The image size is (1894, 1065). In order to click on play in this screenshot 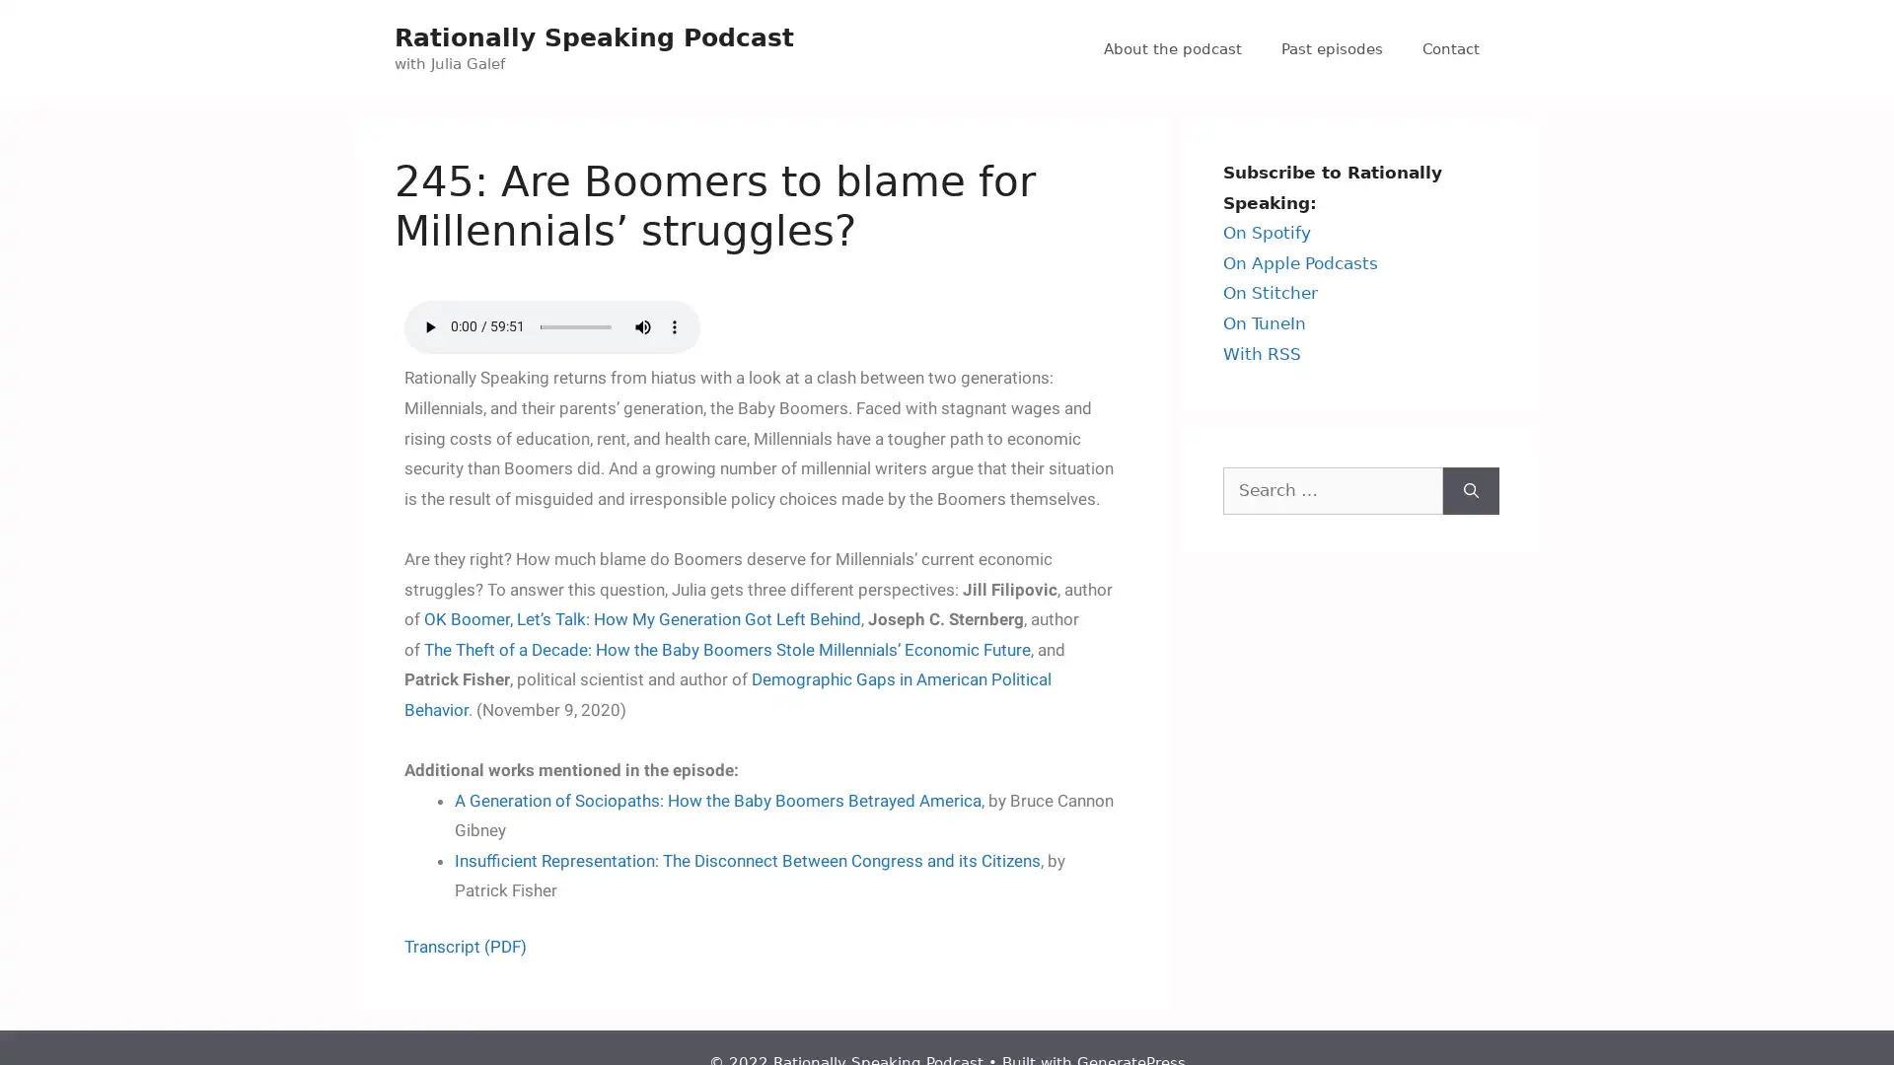, I will do `click(429, 325)`.